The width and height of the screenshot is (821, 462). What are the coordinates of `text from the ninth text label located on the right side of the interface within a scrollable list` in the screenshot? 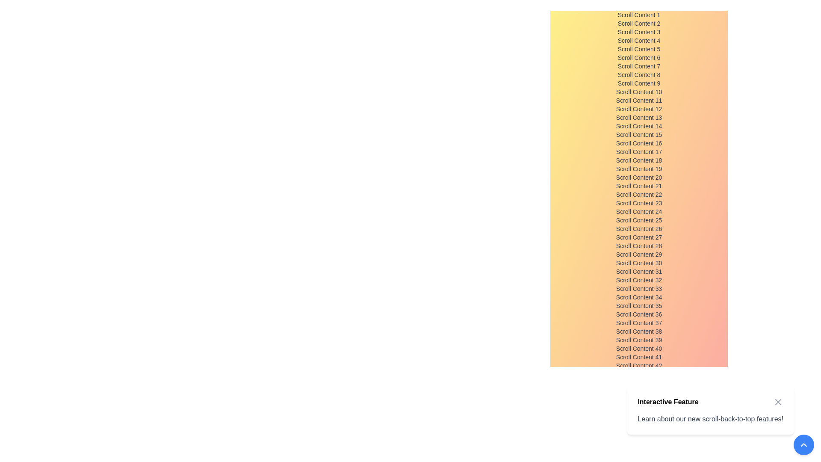 It's located at (639, 83).